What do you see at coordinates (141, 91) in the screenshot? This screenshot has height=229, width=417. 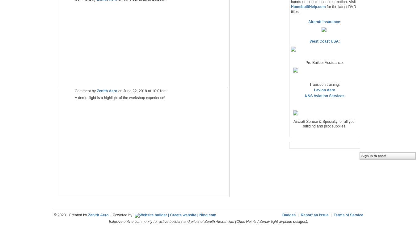 I see `'on June 22, 2018 at 10:01am'` at bounding box center [141, 91].